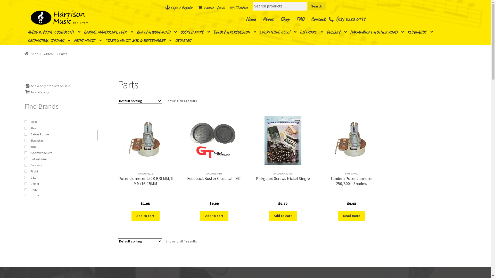 This screenshot has height=278, width=495. What do you see at coordinates (318, 19) in the screenshot?
I see `'Contact'` at bounding box center [318, 19].